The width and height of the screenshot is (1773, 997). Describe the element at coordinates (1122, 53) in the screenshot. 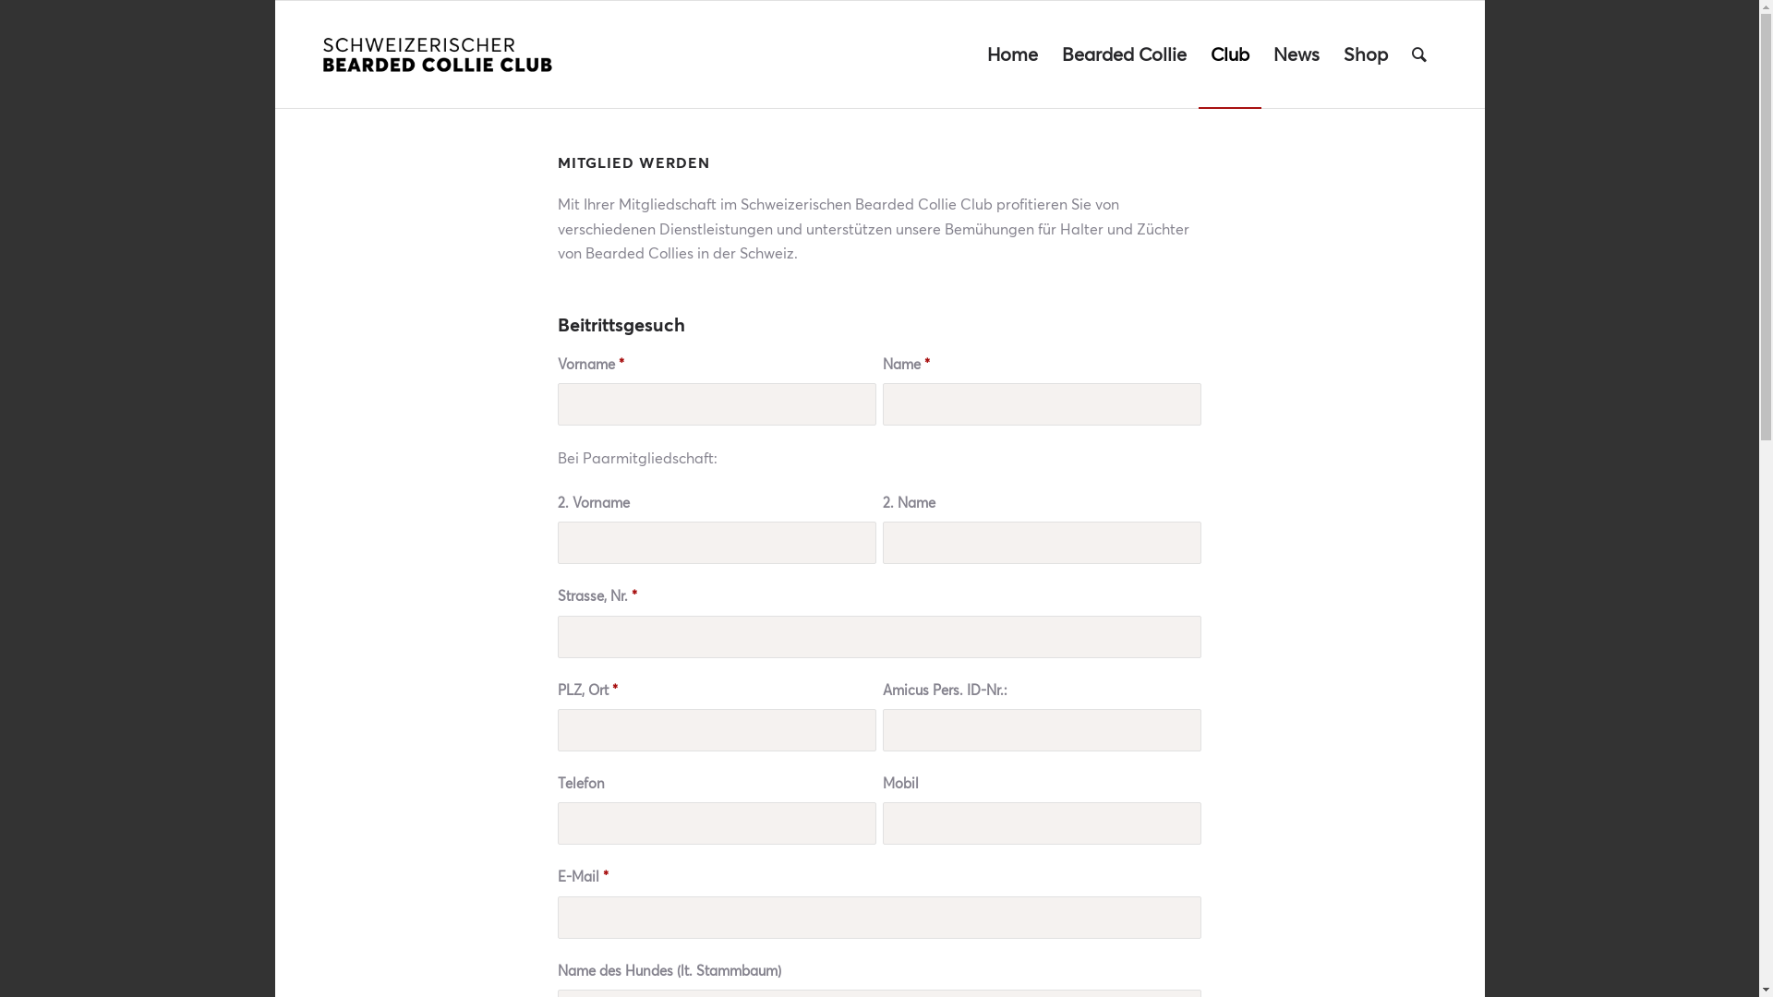

I see `'Bearded Collie'` at that location.